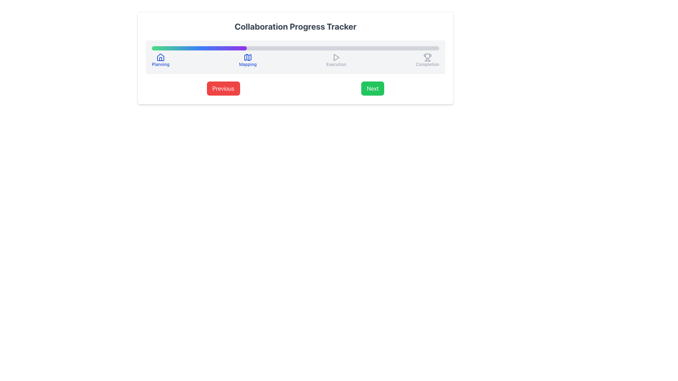 The image size is (678, 381). I want to click on the 'Completion' stage icon in the progress tracking UI component, which is the last item in a horizontal sequence of four stages: 'Planning', 'Mapping', 'Execution', and 'Completion', so click(427, 60).